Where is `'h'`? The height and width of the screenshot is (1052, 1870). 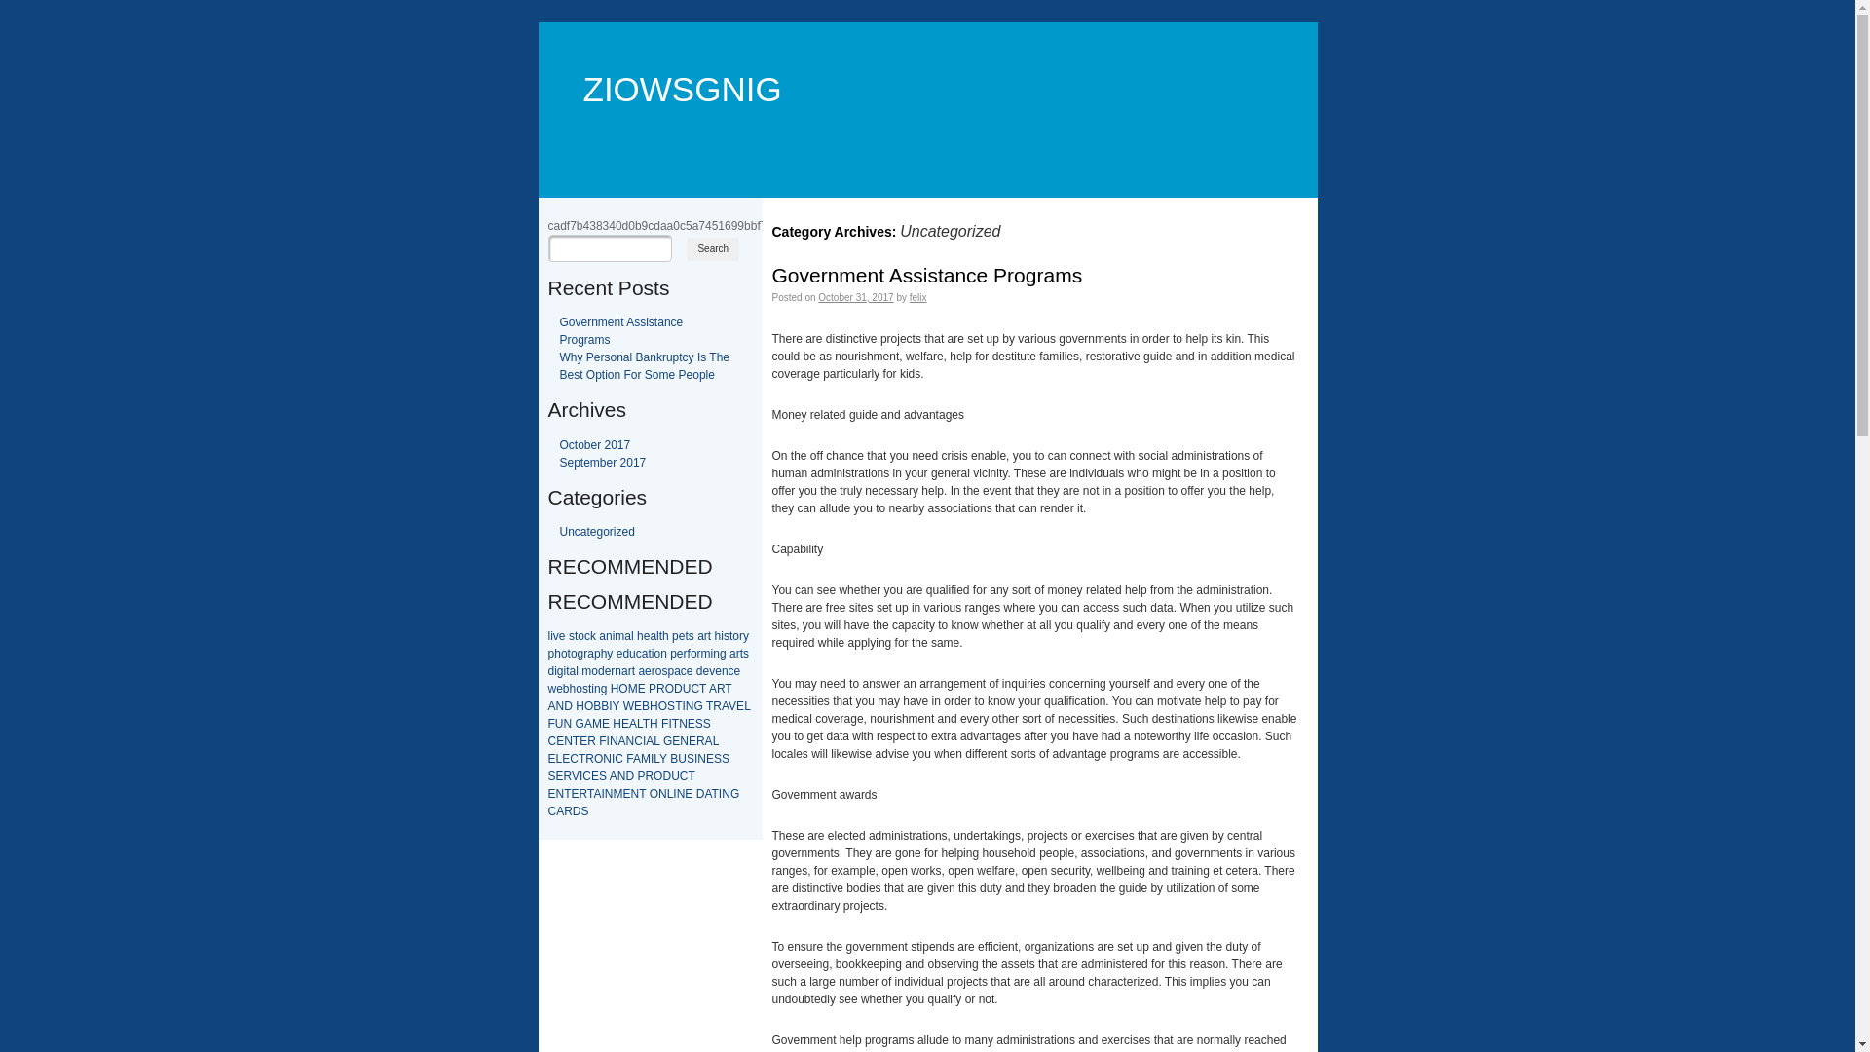
'h' is located at coordinates (640, 635).